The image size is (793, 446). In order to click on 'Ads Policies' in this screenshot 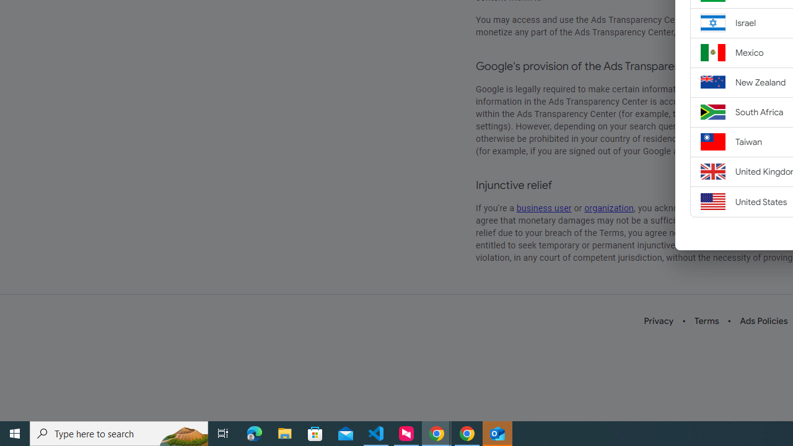, I will do `click(763, 320)`.